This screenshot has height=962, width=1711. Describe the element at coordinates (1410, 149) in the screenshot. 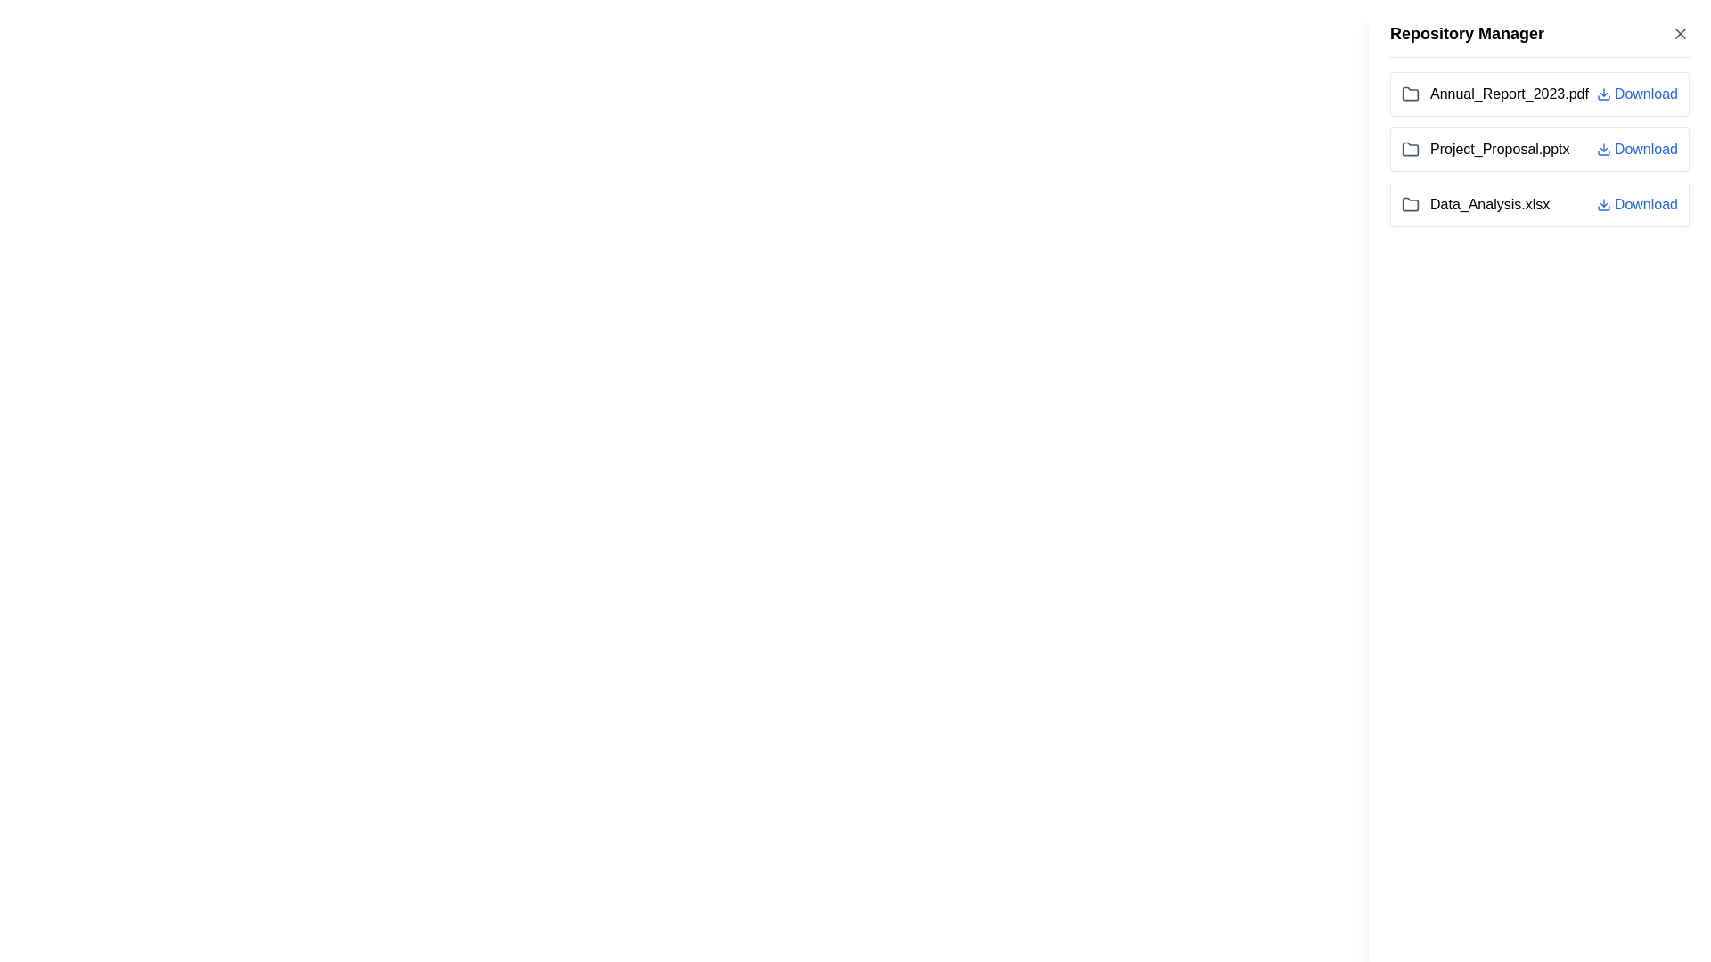

I see `the folder icon representing the file 'Project_Proposal.pptx', which is located on the left side of its corresponding row in the file list` at that location.